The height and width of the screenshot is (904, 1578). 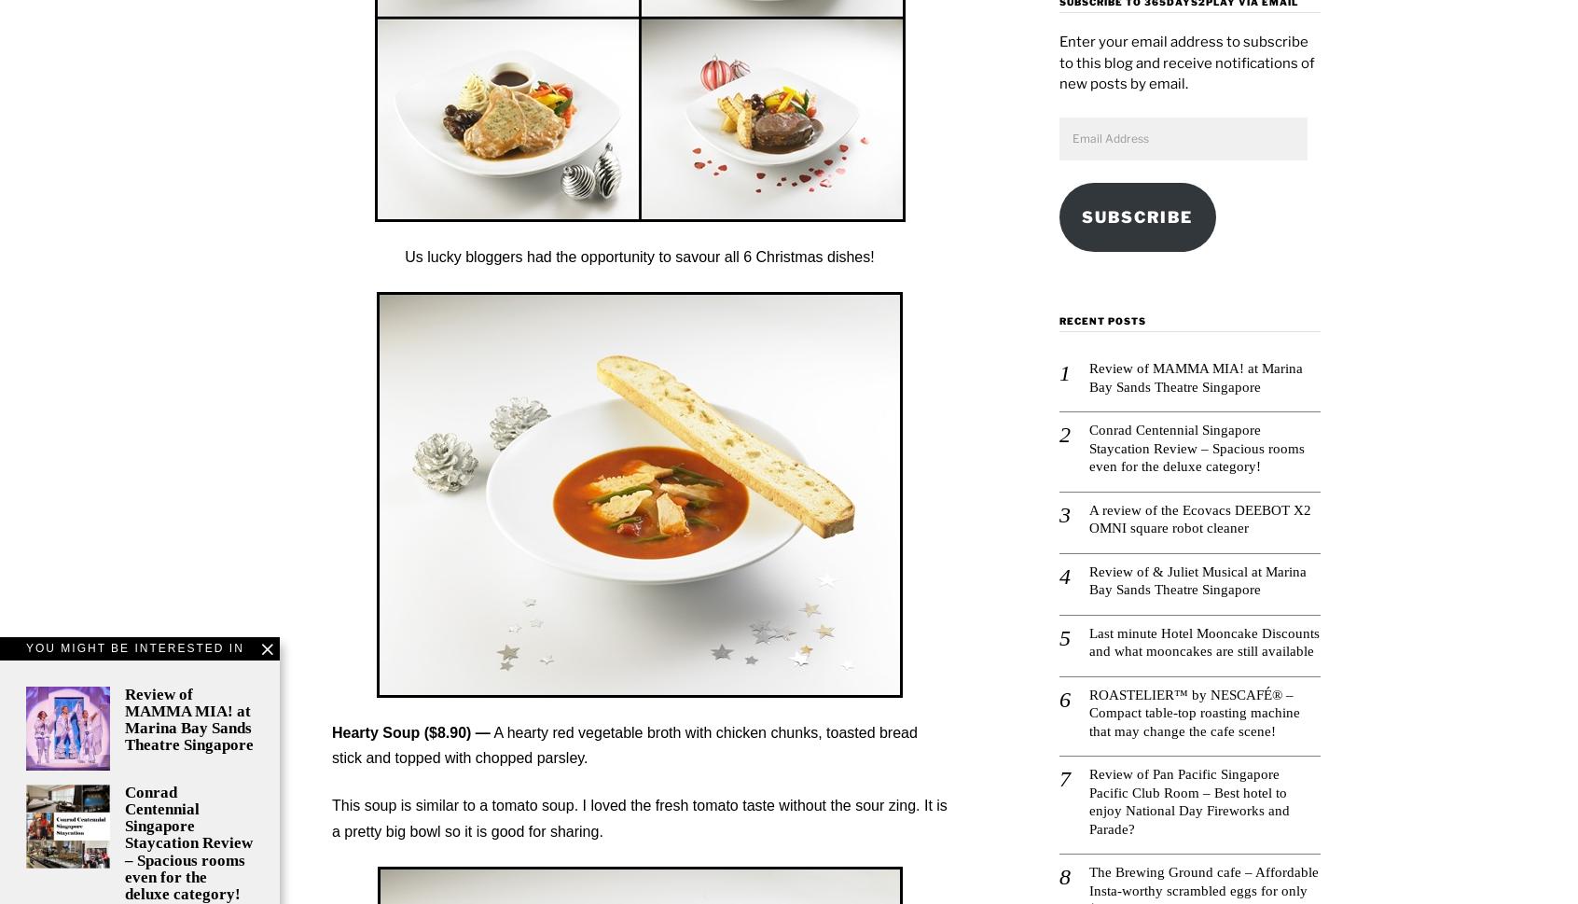 I want to click on 'Recent Posts', so click(x=1101, y=319).